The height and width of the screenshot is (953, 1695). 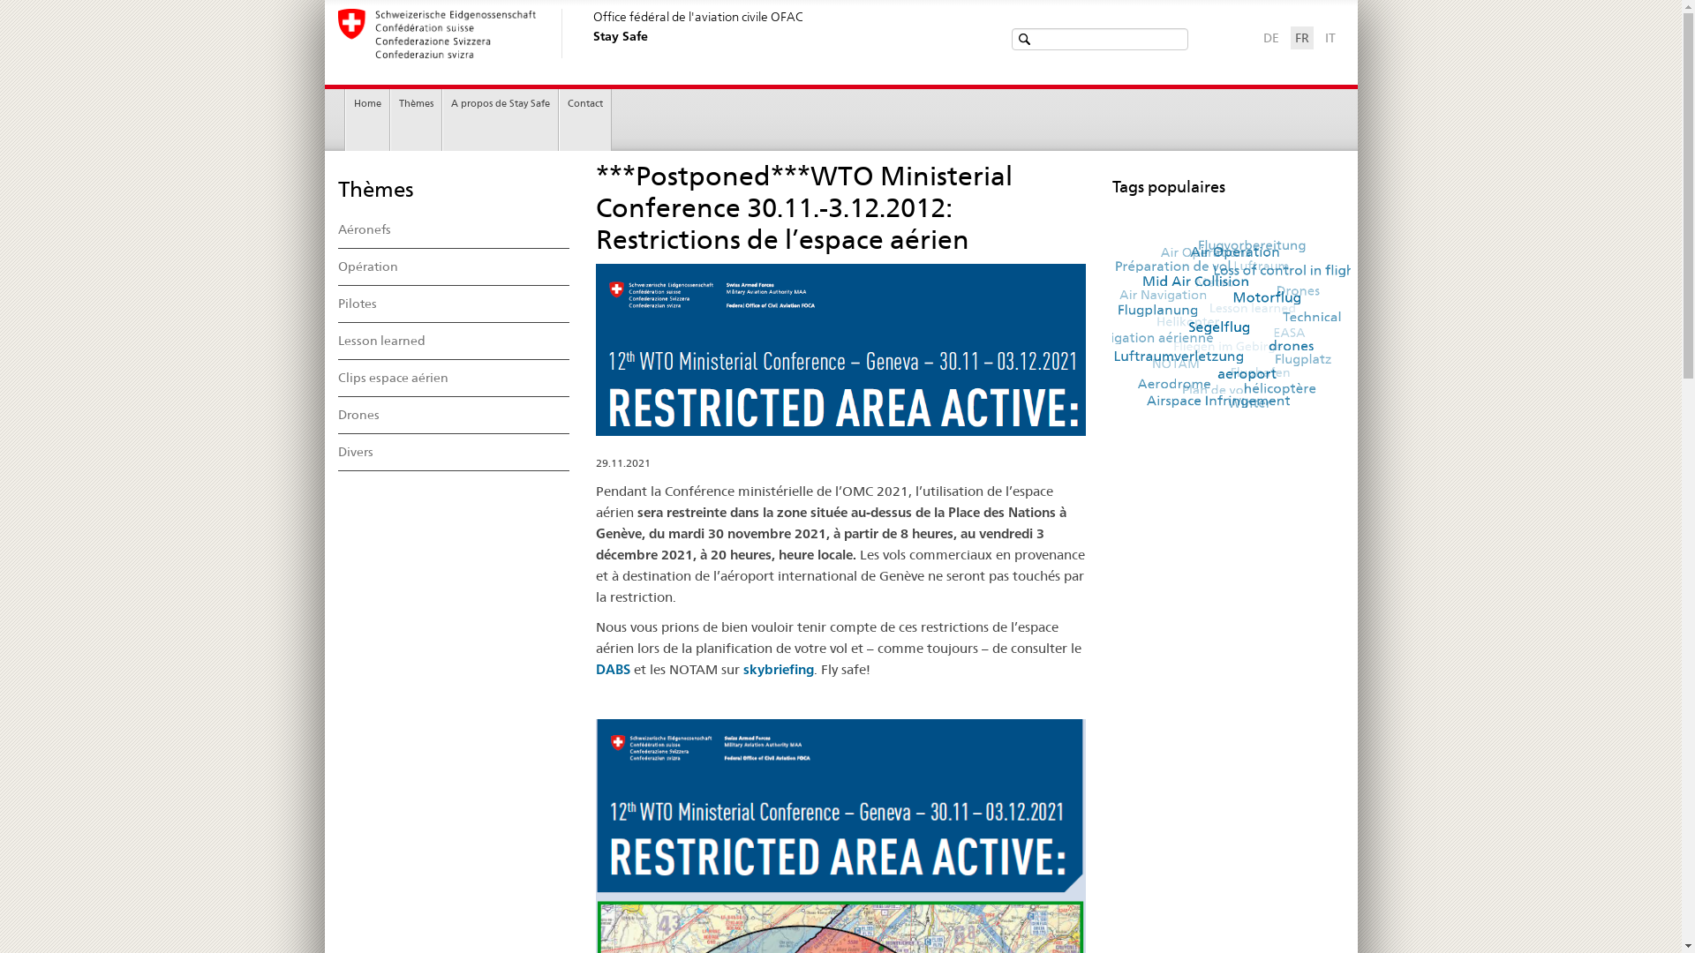 I want to click on 'A propos de Stay Safe', so click(x=499, y=119).